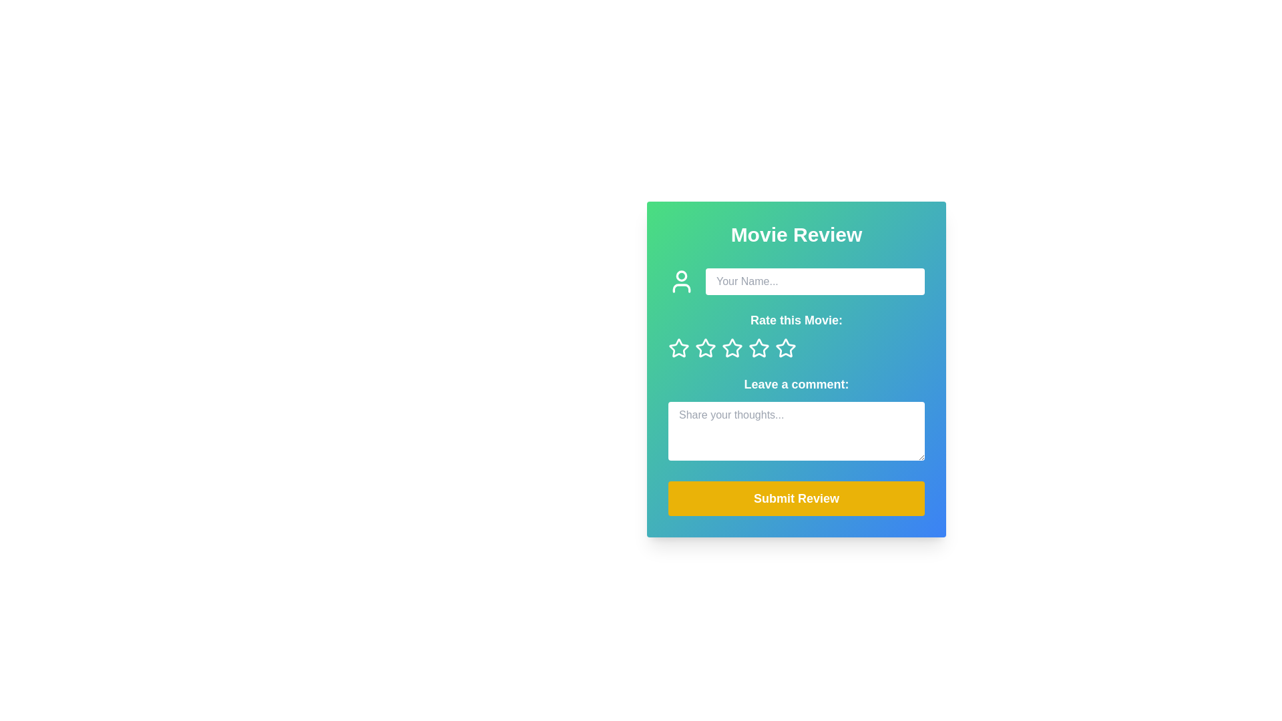 This screenshot has height=721, width=1282. I want to click on the 'Submit Review' button, which is a wide button with a vibrant yellow background and rounded corners, positioned below the text area for user comments in the review card interface, so click(797, 499).